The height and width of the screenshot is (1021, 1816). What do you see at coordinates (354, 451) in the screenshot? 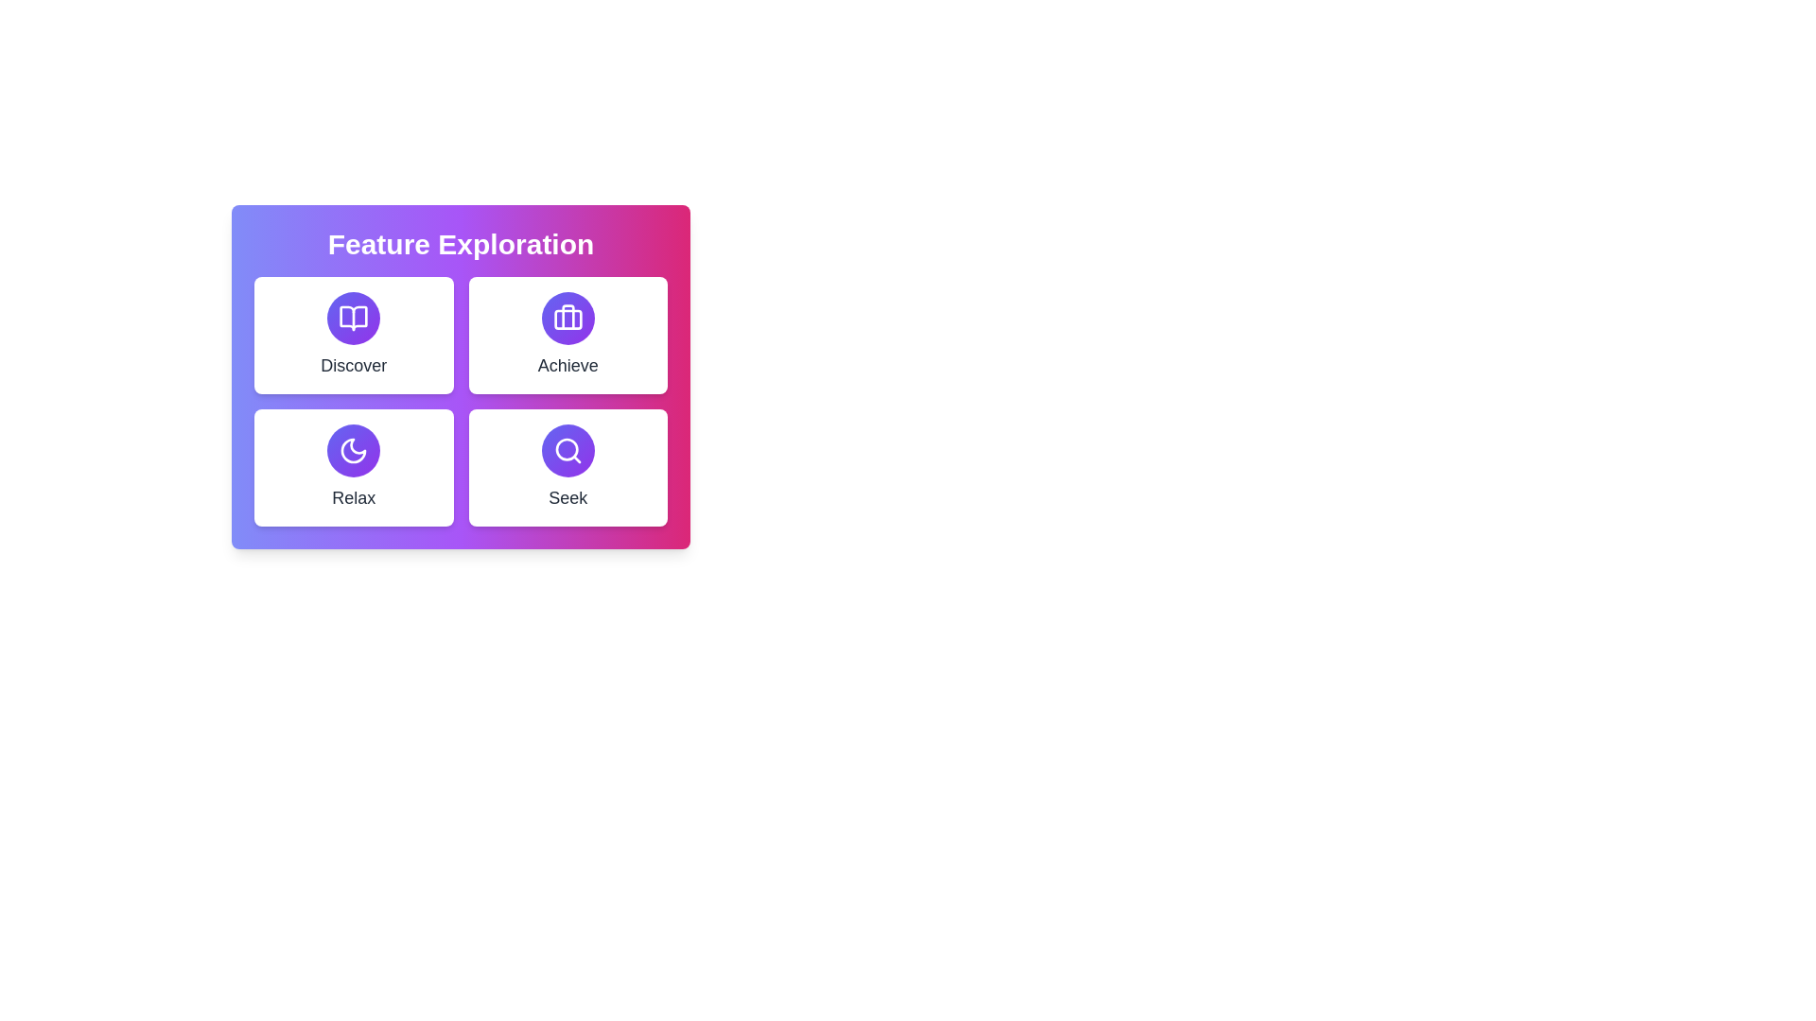
I see `the purple crescent moon icon that is part of the 'Relax' button located at the bottom-left corner of the button grid under 'Feature Exploration'` at bounding box center [354, 451].